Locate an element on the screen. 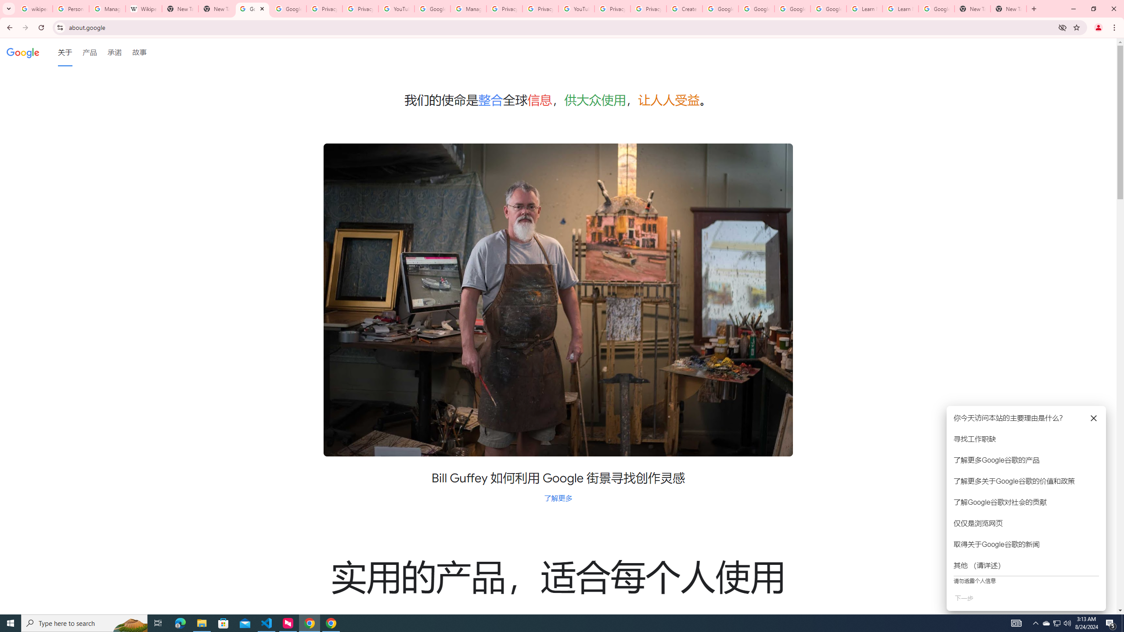  'Manage your Location History - Google Search Help' is located at coordinates (107, 8).